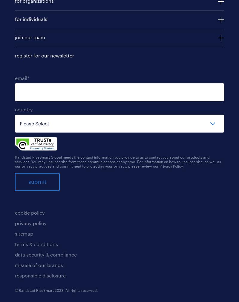  I want to click on '*', so click(27, 77).